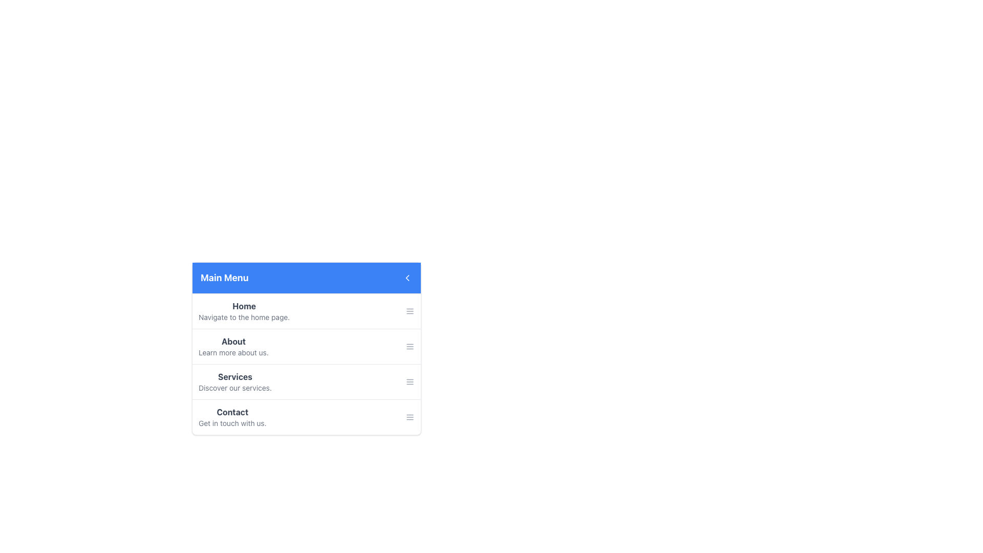 This screenshot has height=553, width=983. I want to click on text label that says 'Navigate to the home page.' located directly below the 'Home' title in the 'Main Menu' section, so click(244, 317).